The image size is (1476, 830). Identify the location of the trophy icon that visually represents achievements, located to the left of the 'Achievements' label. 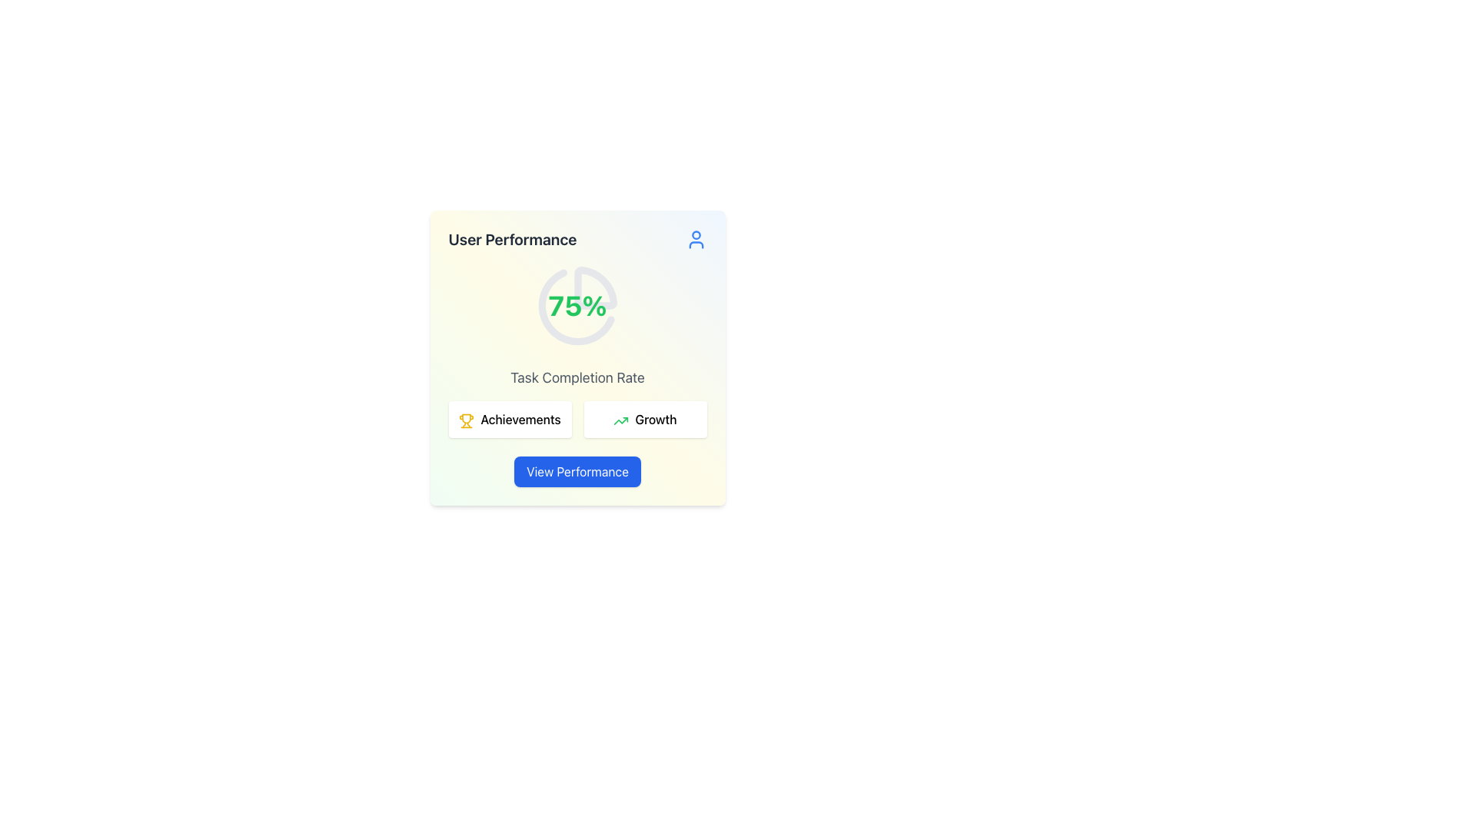
(466, 418).